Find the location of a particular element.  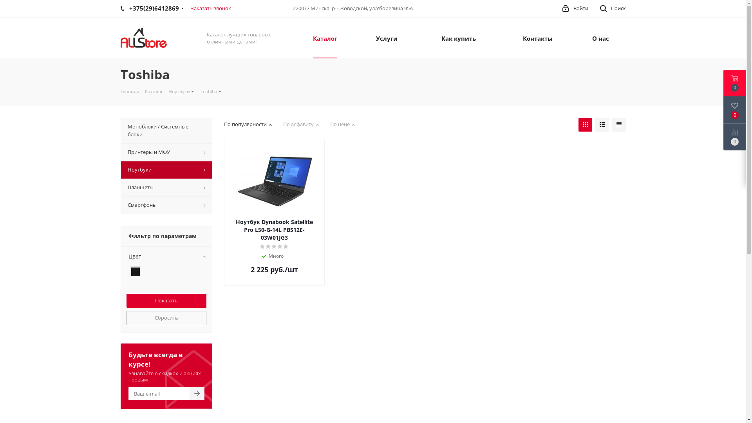

'2' is located at coordinates (268, 246).